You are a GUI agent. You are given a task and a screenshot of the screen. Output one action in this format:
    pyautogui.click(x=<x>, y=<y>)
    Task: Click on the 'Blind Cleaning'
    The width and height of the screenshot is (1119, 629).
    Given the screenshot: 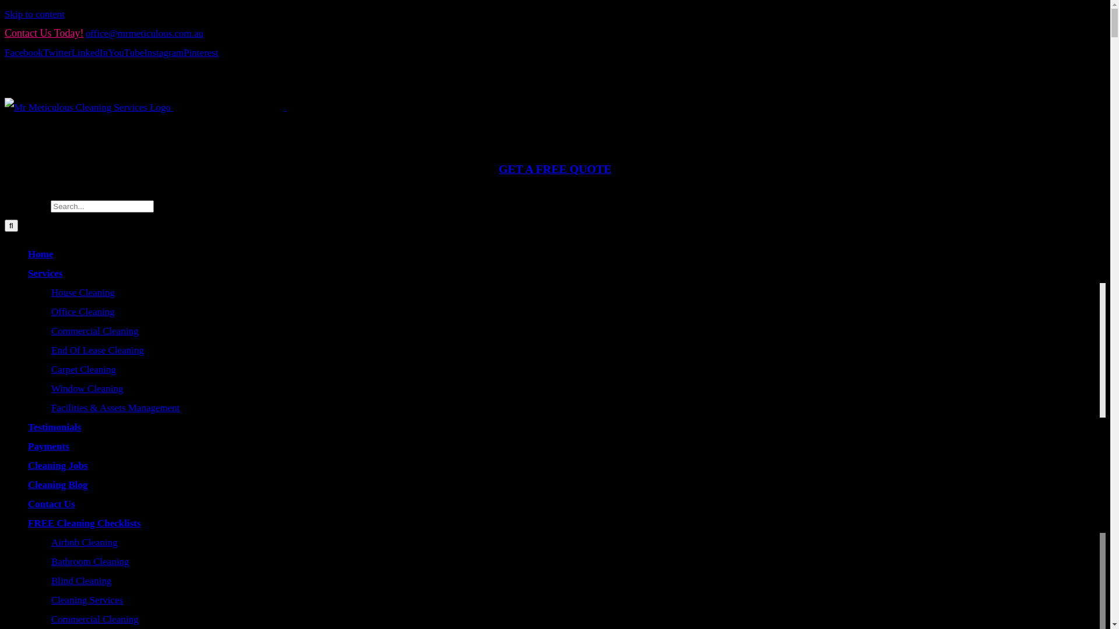 What is the action you would take?
    pyautogui.click(x=80, y=581)
    